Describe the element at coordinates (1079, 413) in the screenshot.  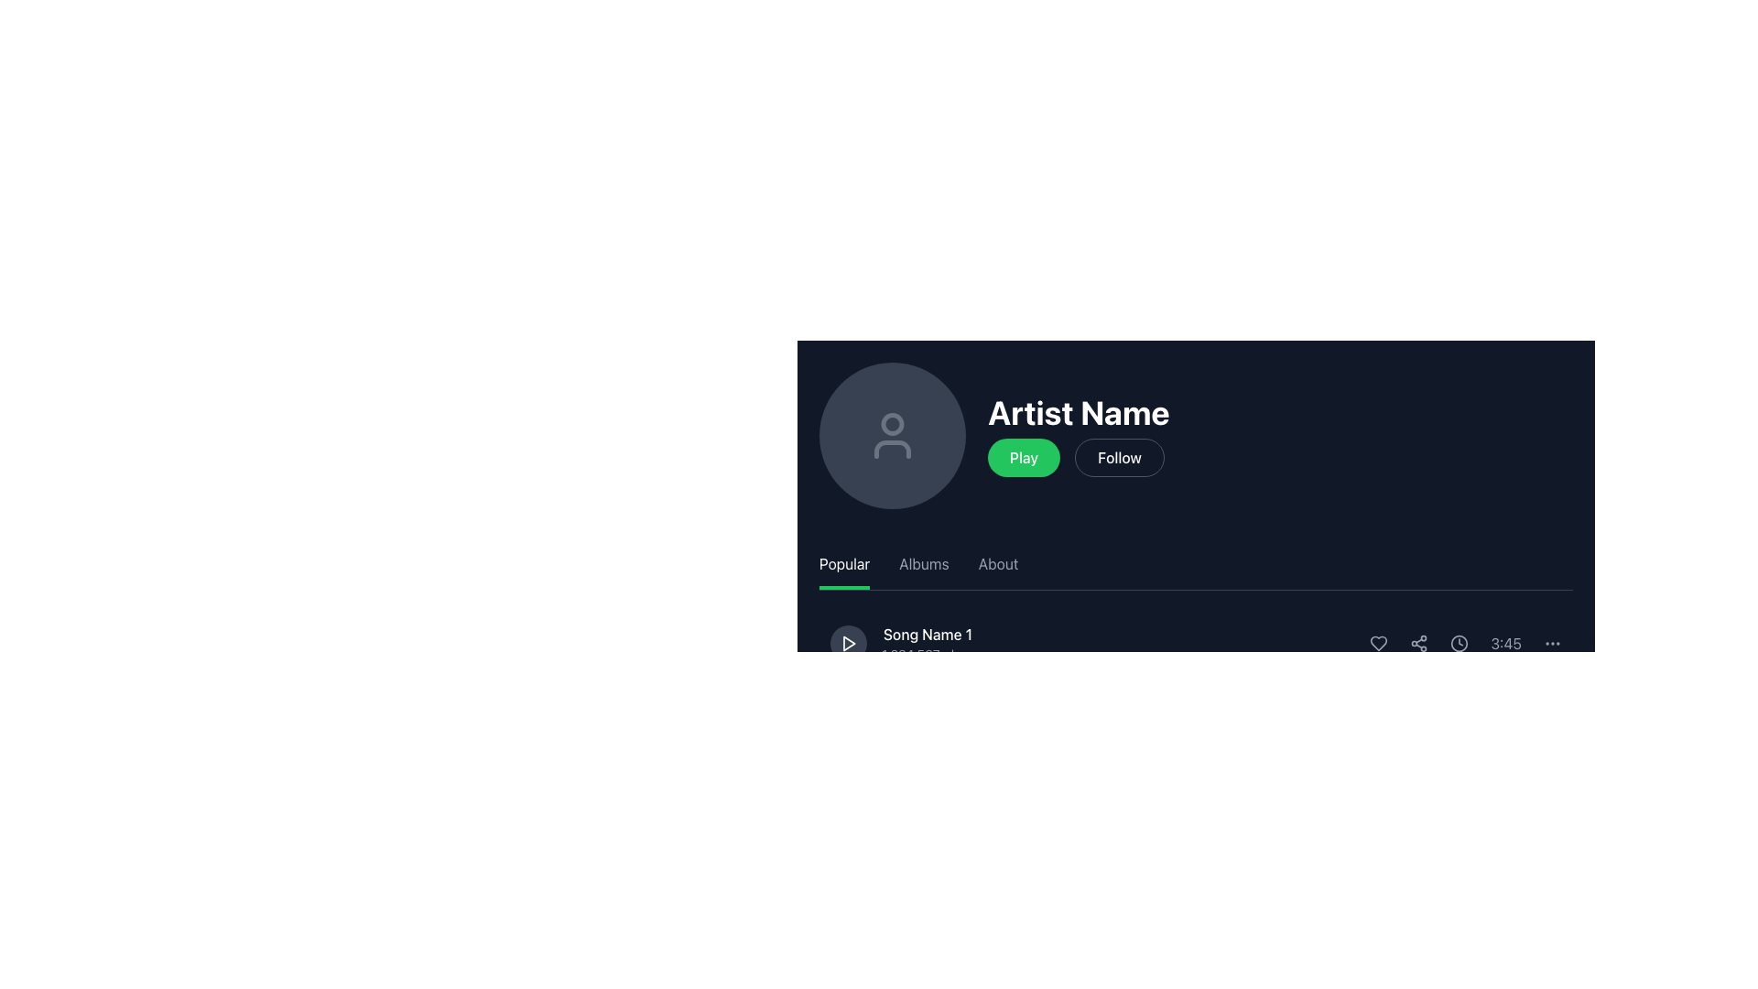
I see `the 'Artist Name' text label, which is prominently displayed in a bold, large font with white text on a dark background, located near the top-center area of the interface, directly to the right of a circular avatar image` at that location.